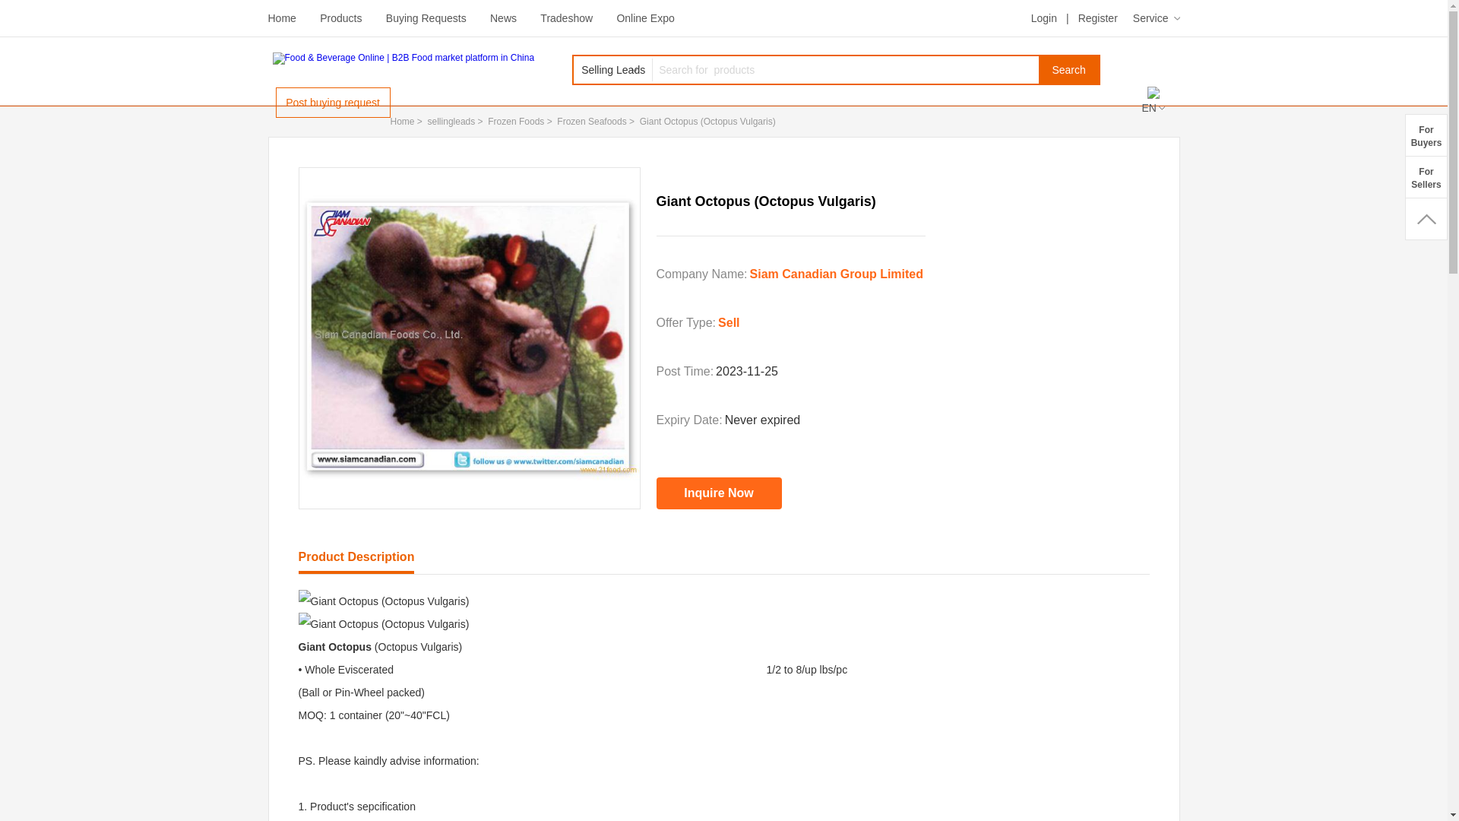 This screenshot has width=1459, height=821. I want to click on 'Search', so click(1068, 70).